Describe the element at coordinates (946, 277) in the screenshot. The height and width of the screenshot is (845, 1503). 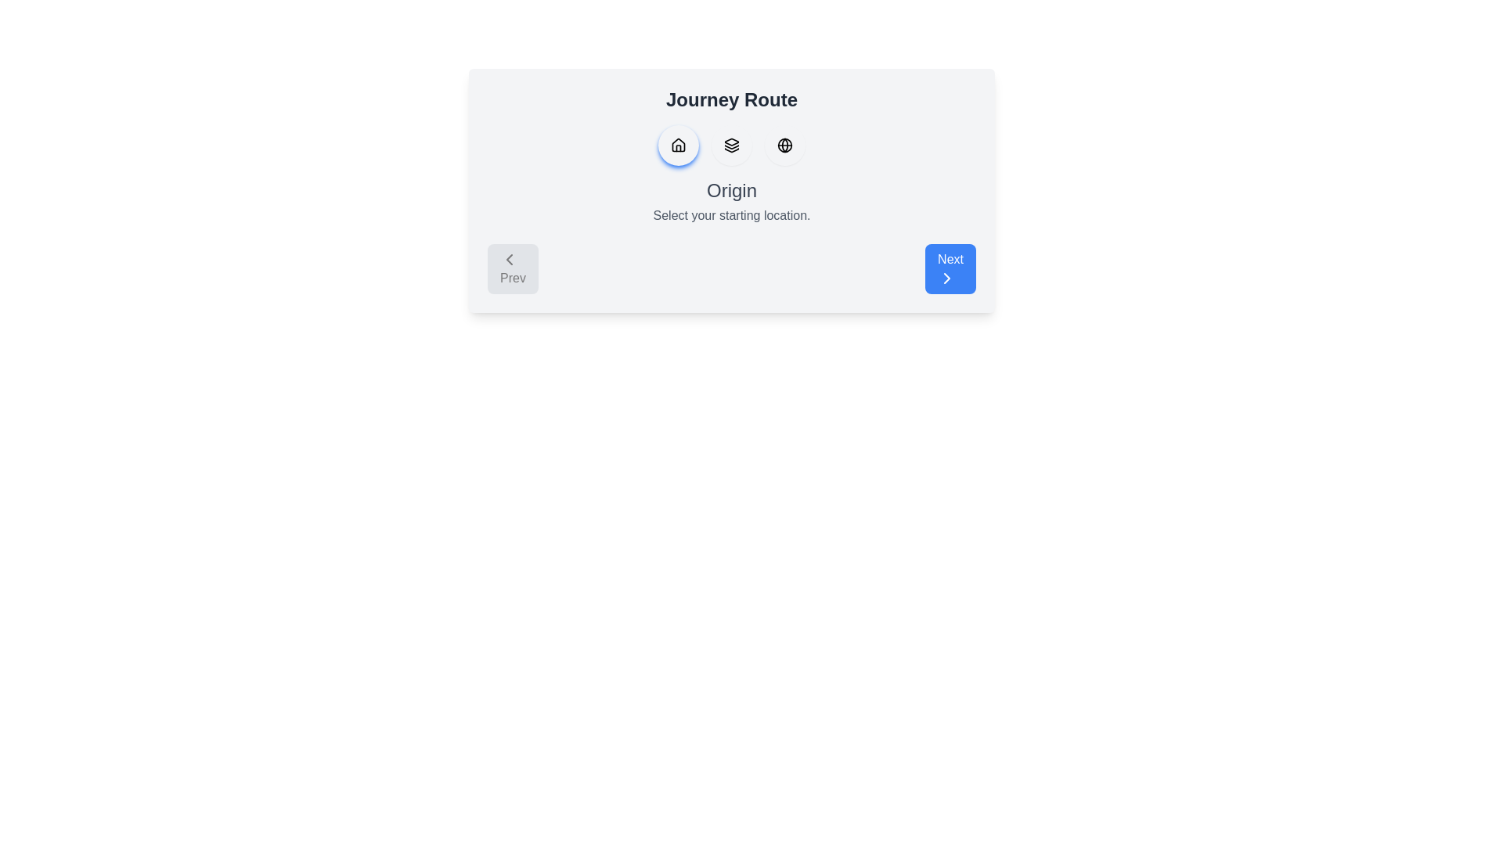
I see `the right-pointing arrow icon within the 'Next' button located at the bottom-right corner of the 'Journey Route' dialog to proceed to the next step` at that location.